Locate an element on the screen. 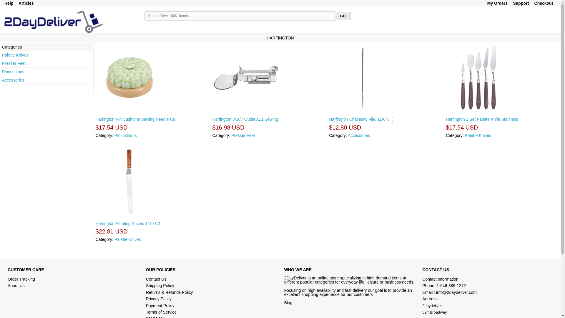 This screenshot has height=318, width=565. 'Support' is located at coordinates (521, 3).